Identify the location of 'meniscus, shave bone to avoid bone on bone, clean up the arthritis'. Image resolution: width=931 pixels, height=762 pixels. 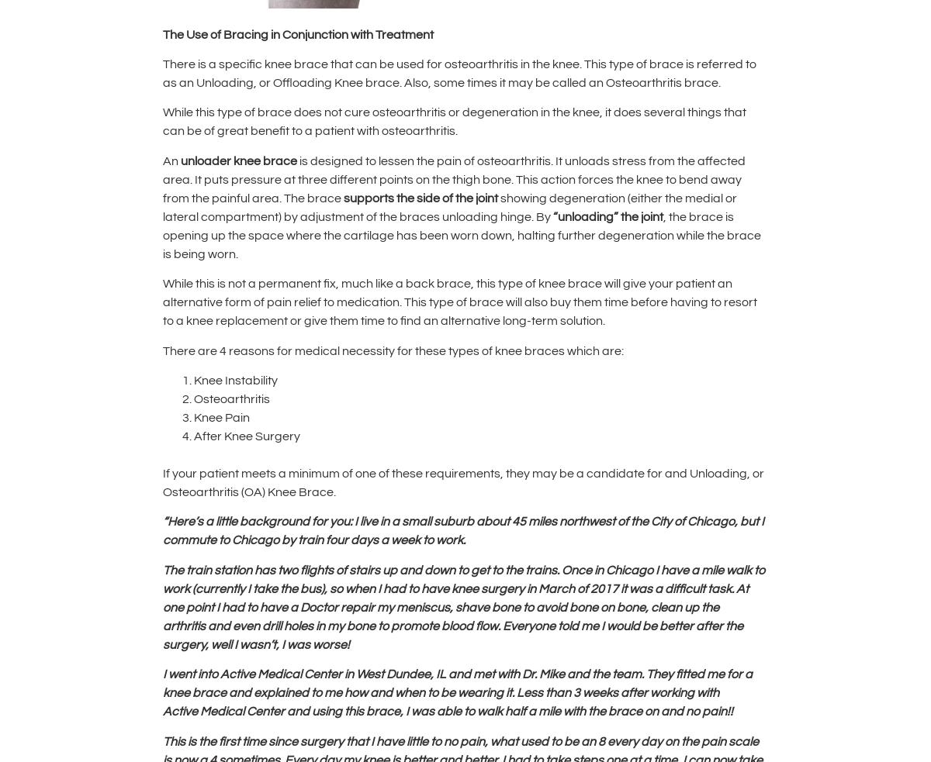
(162, 615).